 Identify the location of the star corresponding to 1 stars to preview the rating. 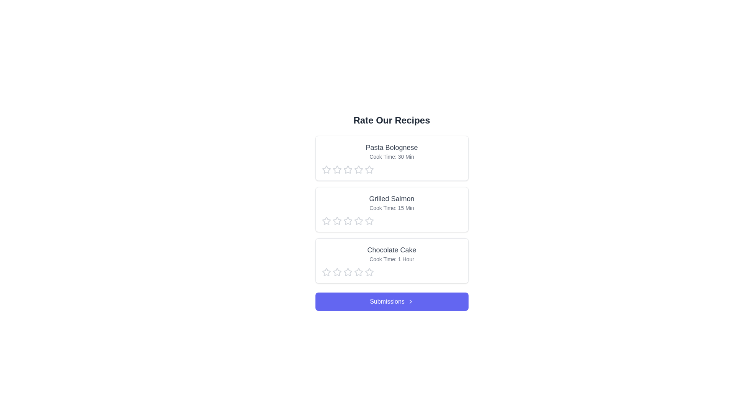
(326, 169).